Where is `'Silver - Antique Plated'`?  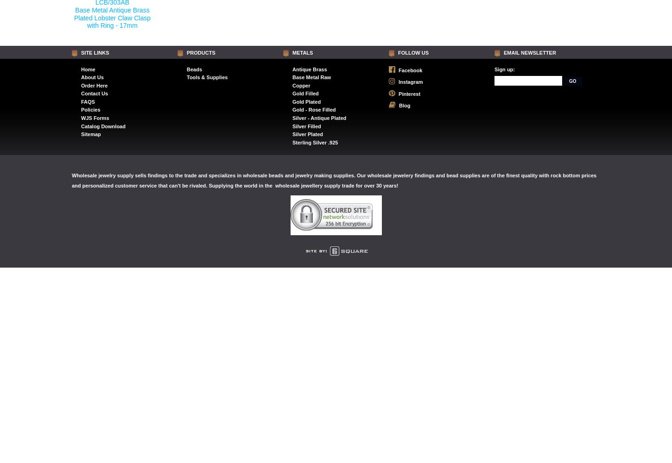 'Silver - Antique Plated' is located at coordinates (319, 118).